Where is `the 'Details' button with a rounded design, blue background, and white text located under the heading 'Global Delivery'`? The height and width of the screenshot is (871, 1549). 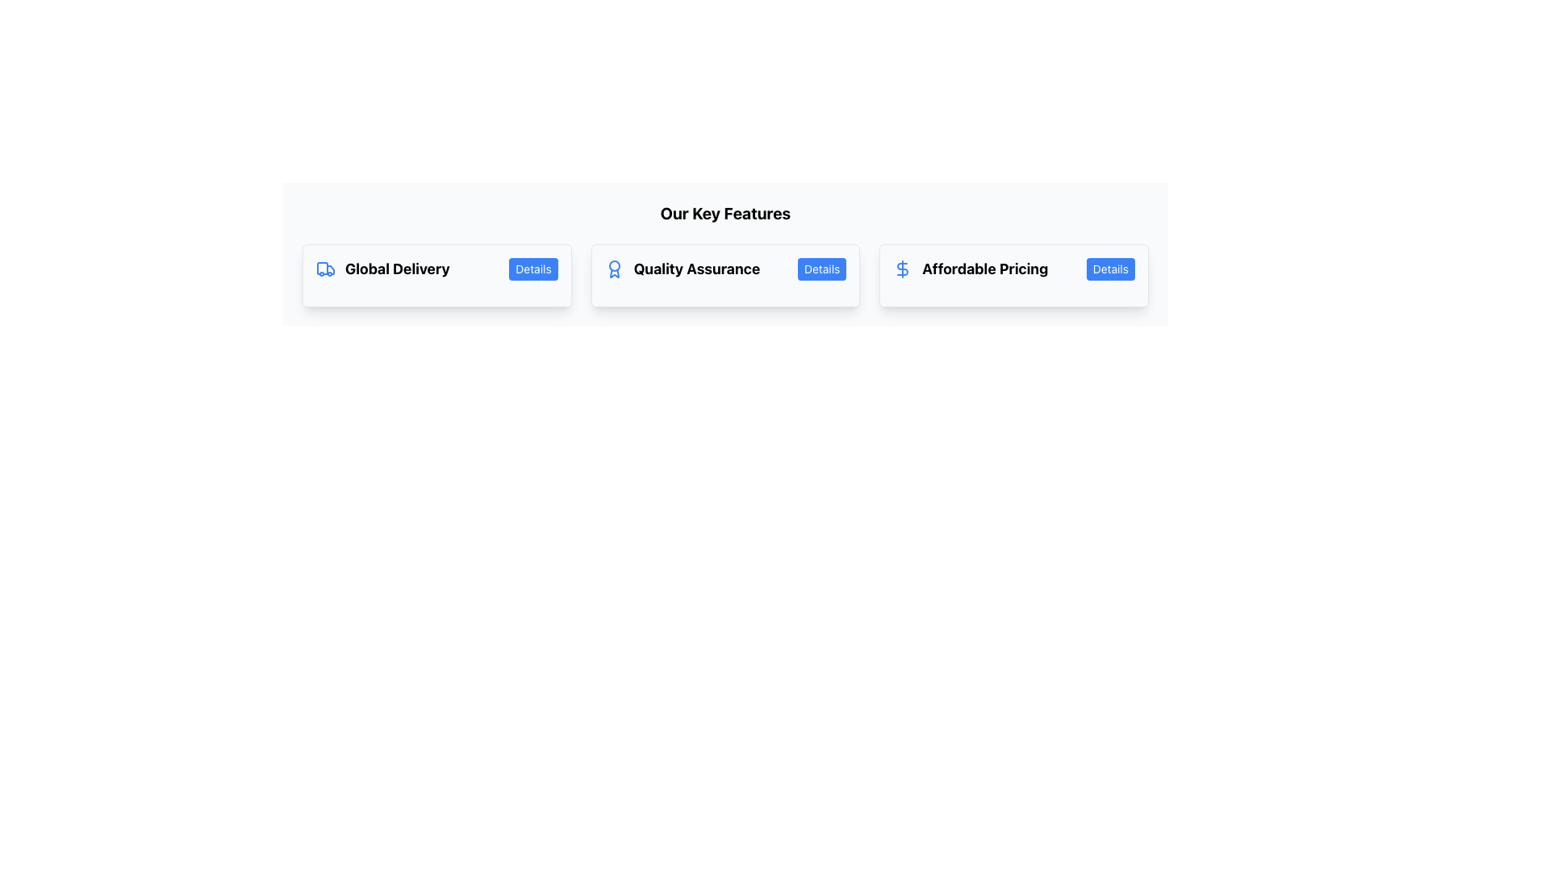 the 'Details' button with a rounded design, blue background, and white text located under the heading 'Global Delivery' is located at coordinates (533, 269).